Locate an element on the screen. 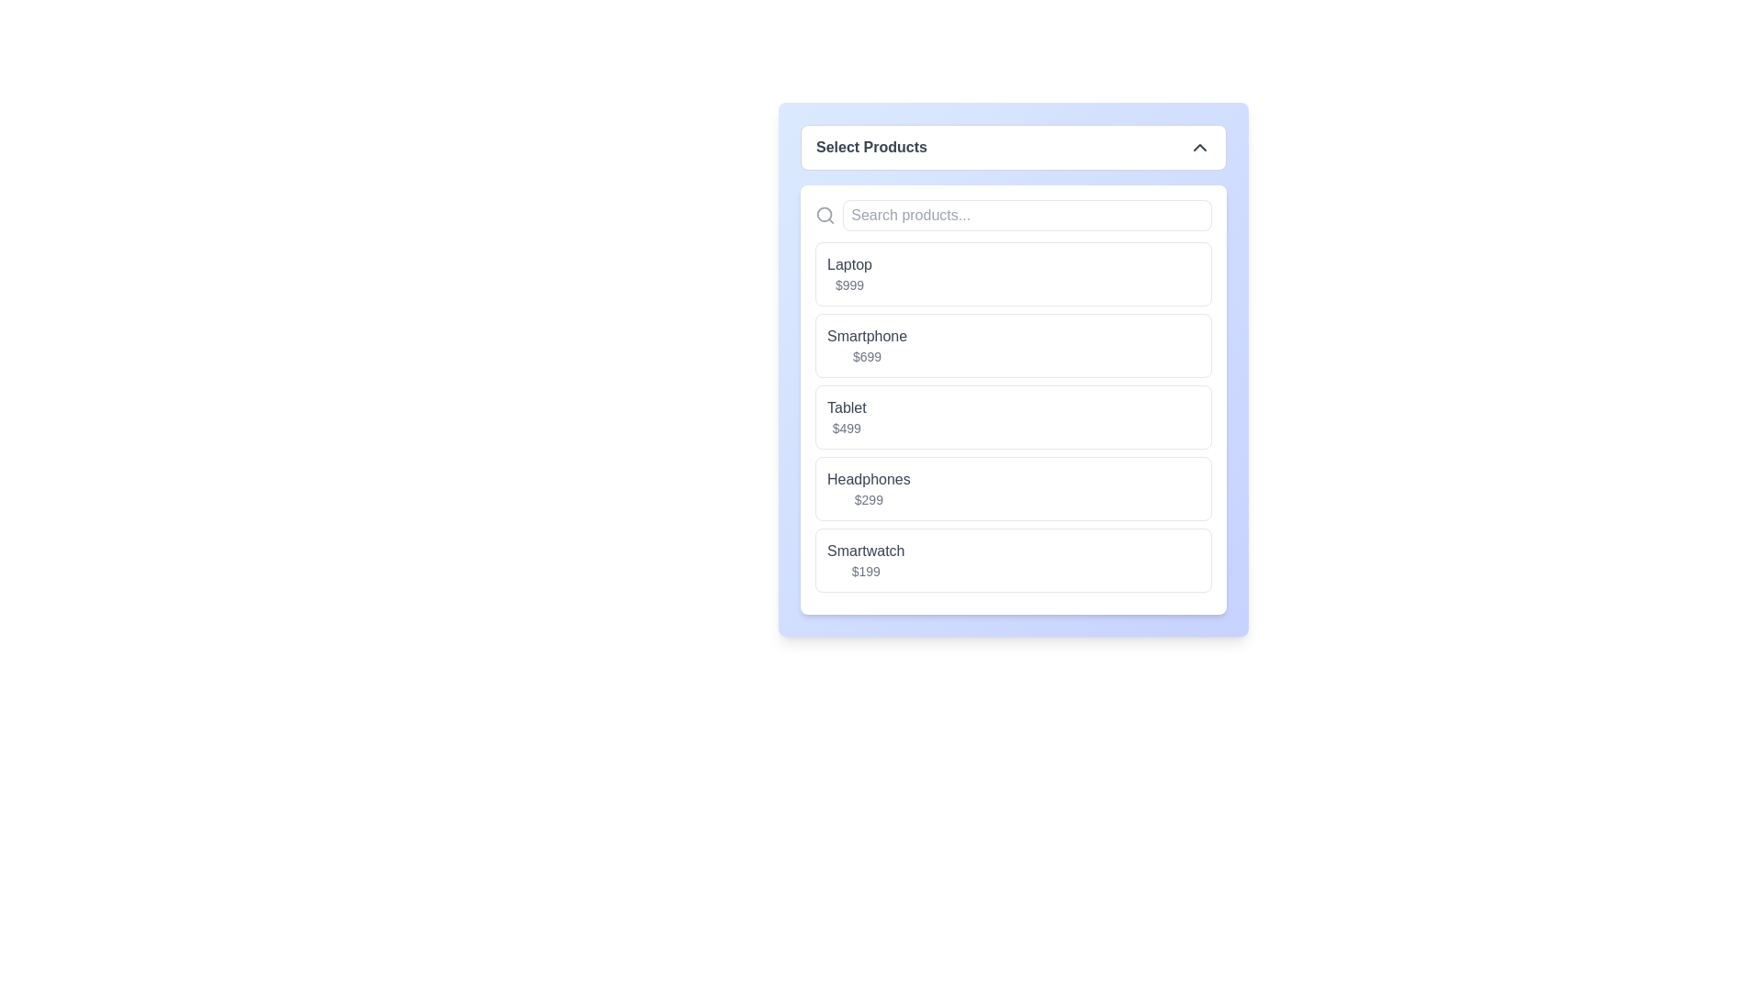 This screenshot has height=991, width=1763. text content of the 'Smartwatch' label located in the fifth entry of the product selection dropdown menu, positioned above the '$199' price is located at coordinates (865, 551).